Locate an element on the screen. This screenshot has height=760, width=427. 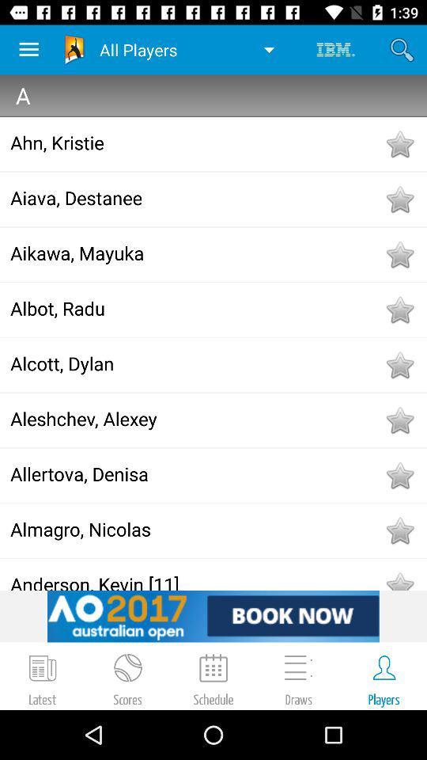
to favorites is located at coordinates (399, 199).